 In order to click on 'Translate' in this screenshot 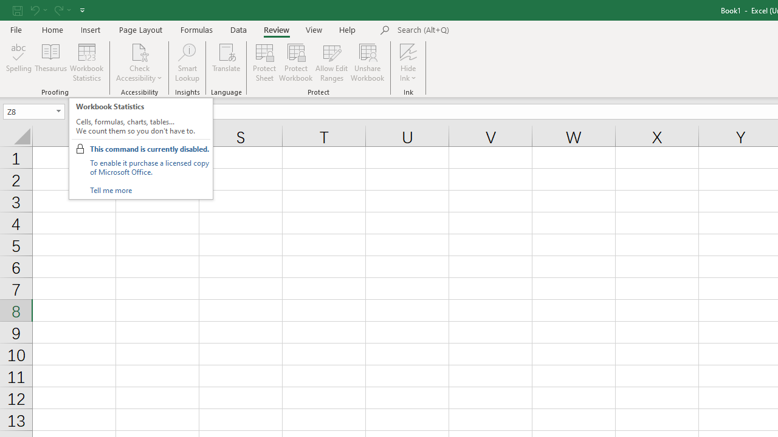, I will do `click(226, 63)`.